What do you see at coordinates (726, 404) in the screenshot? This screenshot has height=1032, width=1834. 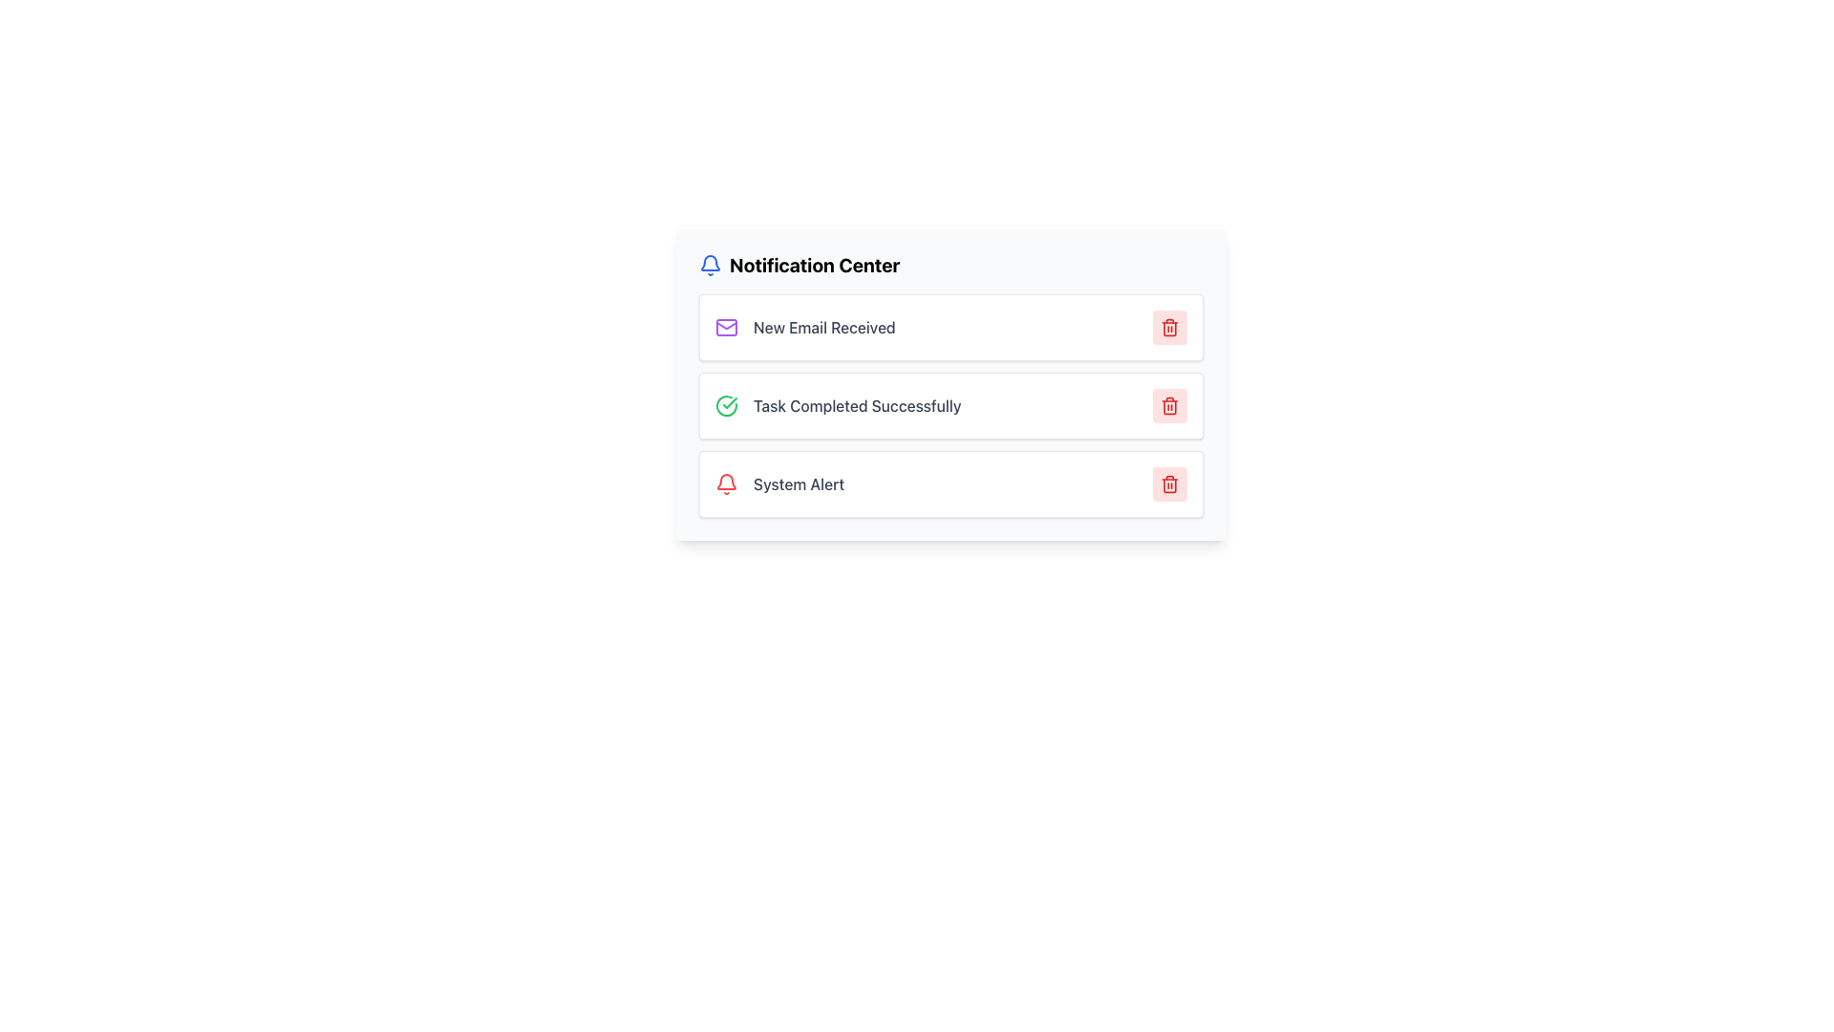 I see `the circular icon with a green outline and a checkmark, which indicates a successful action, located to the left of the label 'Task Completed Successfully' in the second row of the notification list` at bounding box center [726, 404].